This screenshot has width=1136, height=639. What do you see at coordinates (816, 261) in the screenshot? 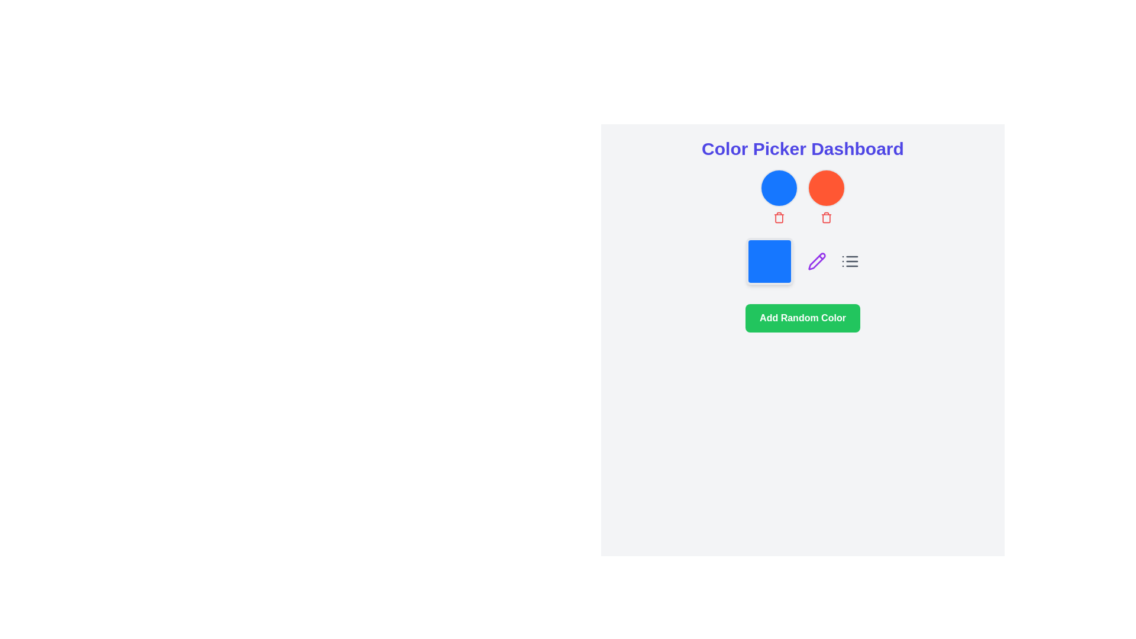
I see `the editing icon located to the right of a blue square element, which is the second column item in the group of icons below the circle elements` at bounding box center [816, 261].